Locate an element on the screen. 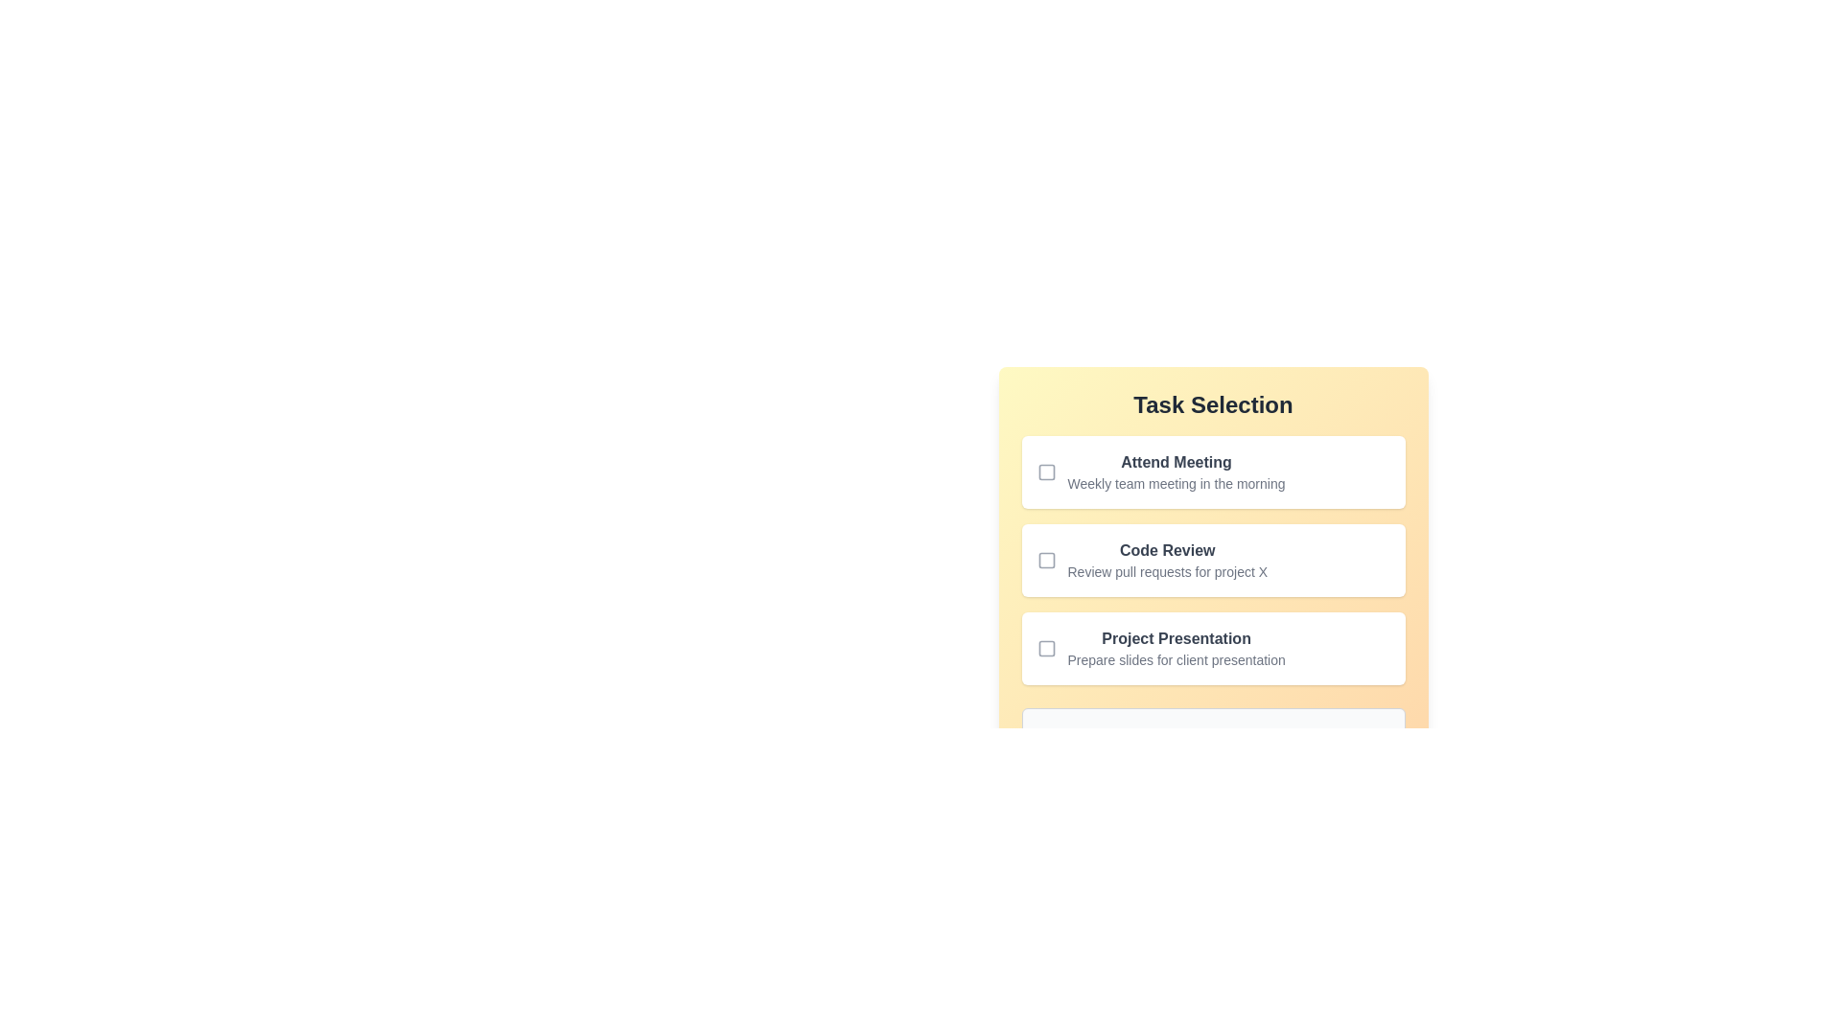  the 'Attend Meeting' task checkbox located at the top of the task list to read its full content is located at coordinates (1212, 472).